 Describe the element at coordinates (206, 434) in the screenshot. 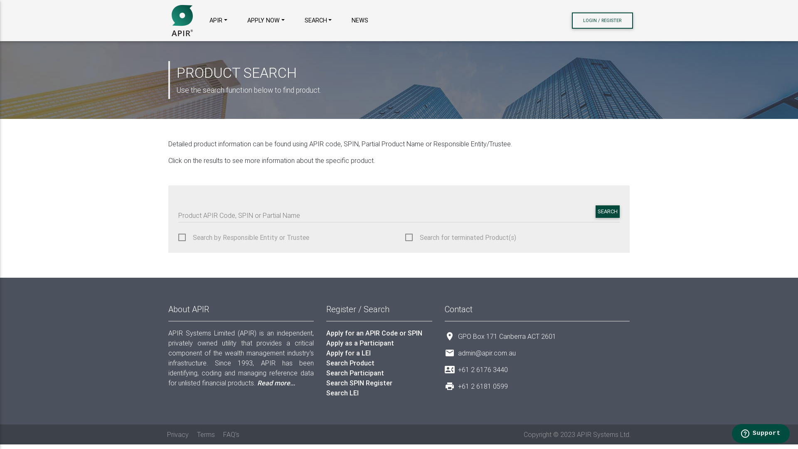

I see `'Terms'` at that location.